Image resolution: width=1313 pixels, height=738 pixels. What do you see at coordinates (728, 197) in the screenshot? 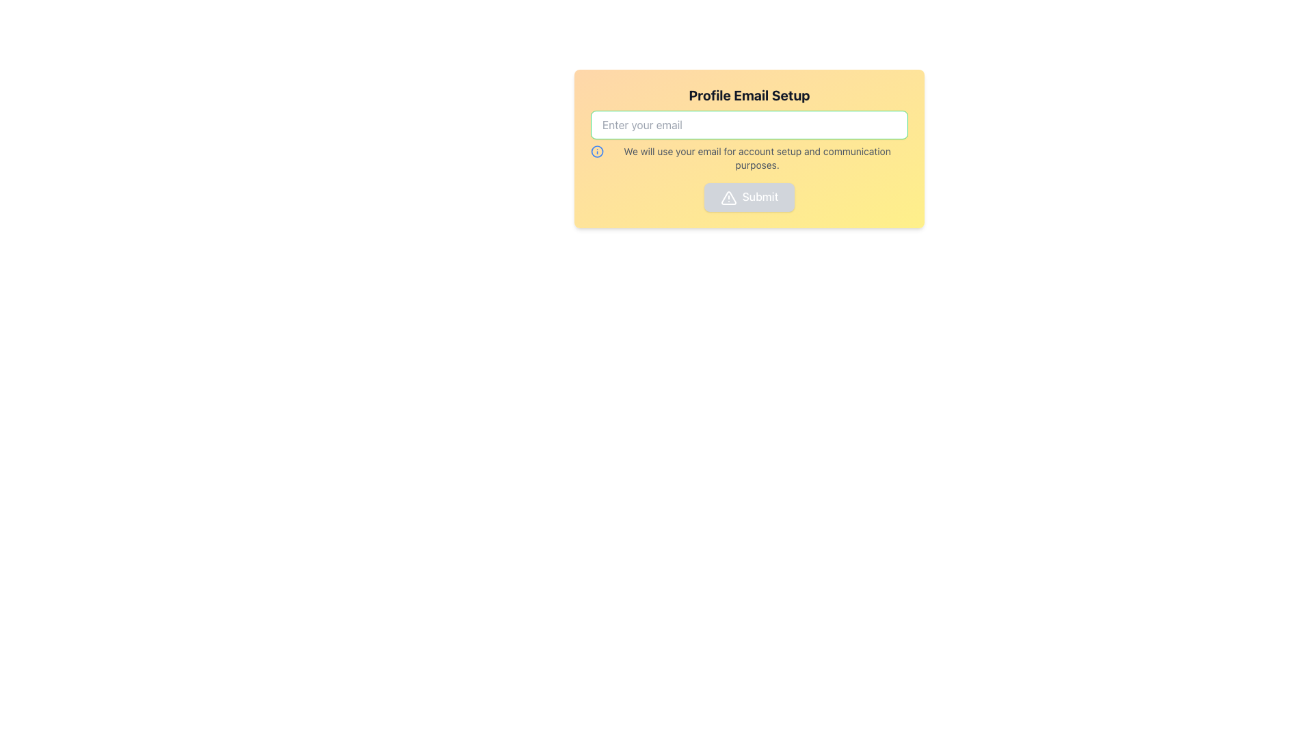
I see `the triangular alert icon located within the 'Submit' button` at bounding box center [728, 197].